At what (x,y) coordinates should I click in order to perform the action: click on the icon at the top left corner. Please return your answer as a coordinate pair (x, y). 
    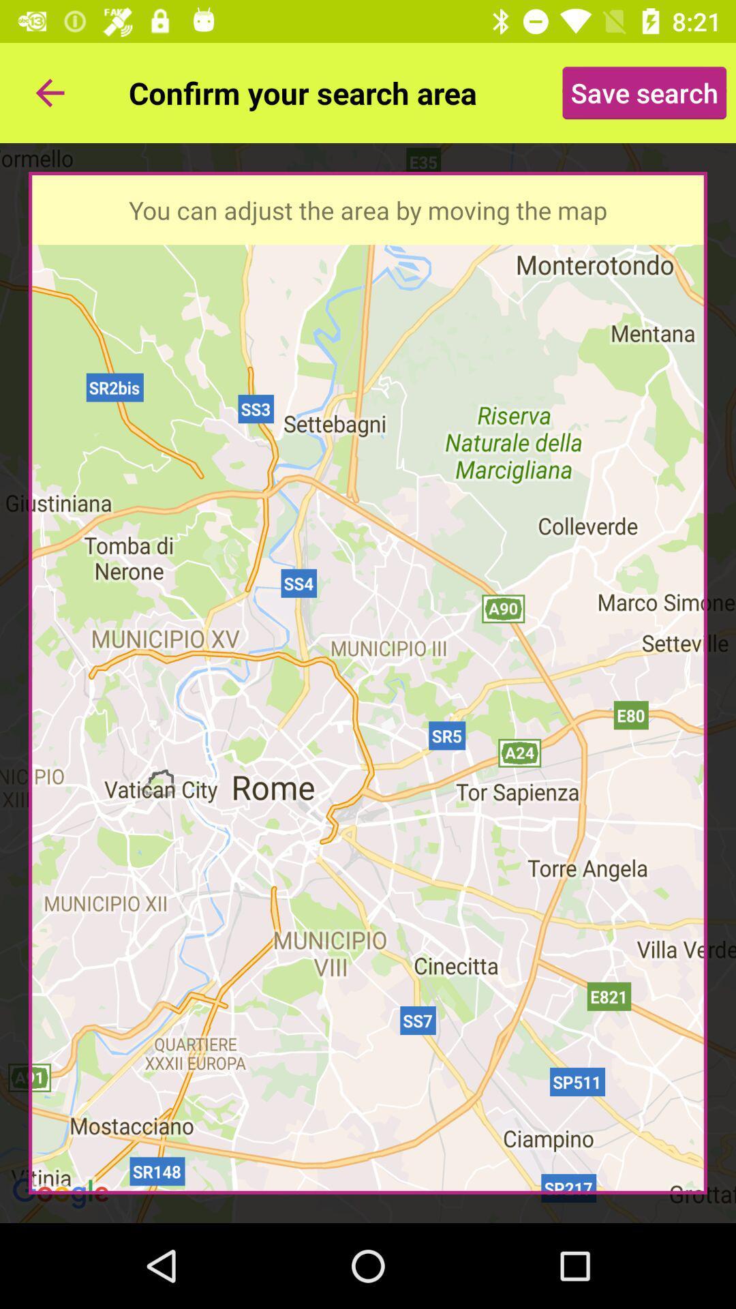
    Looking at the image, I should click on (49, 92).